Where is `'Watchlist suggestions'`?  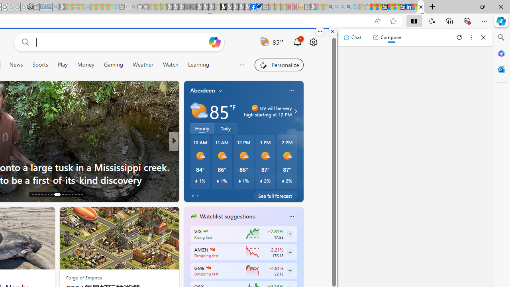 'Watchlist suggestions' is located at coordinates (227, 216).